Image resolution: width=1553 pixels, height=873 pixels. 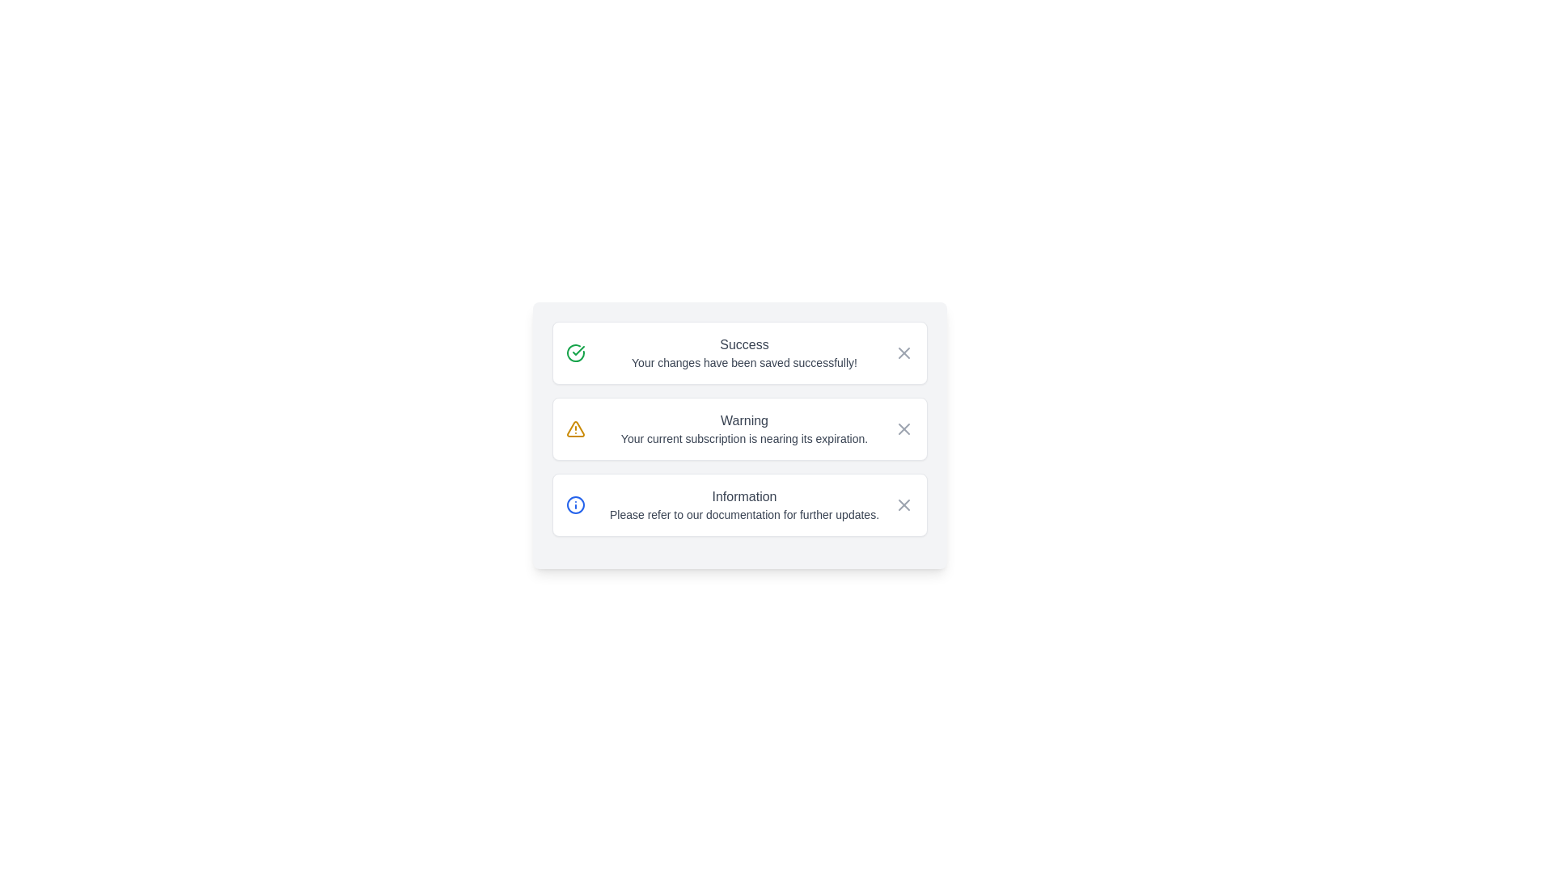 What do you see at coordinates (575, 428) in the screenshot?
I see `the warning status icon located in the second row of the announcements list, to the left of the 'Warning' heading` at bounding box center [575, 428].